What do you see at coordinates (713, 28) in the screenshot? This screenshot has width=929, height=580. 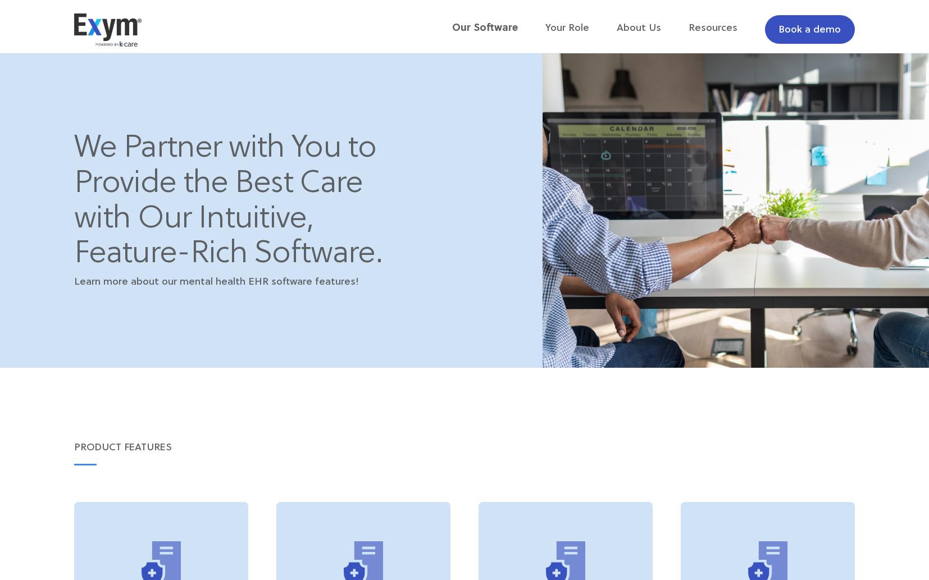 I see `'Resources'` at bounding box center [713, 28].